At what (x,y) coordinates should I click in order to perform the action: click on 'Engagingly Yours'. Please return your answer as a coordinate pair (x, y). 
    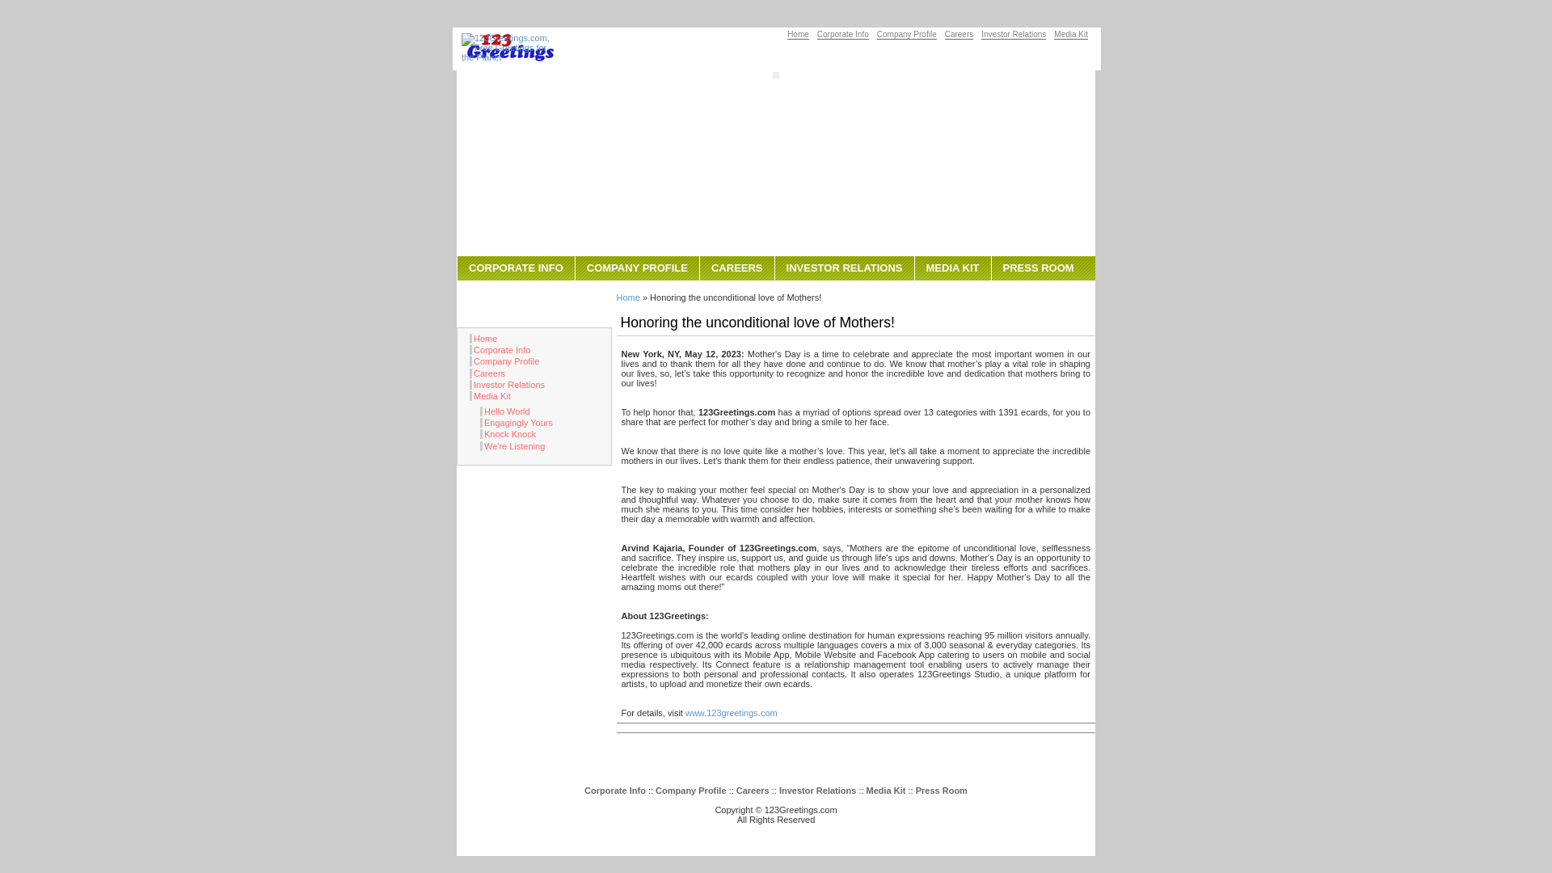
    Looking at the image, I should click on (515, 422).